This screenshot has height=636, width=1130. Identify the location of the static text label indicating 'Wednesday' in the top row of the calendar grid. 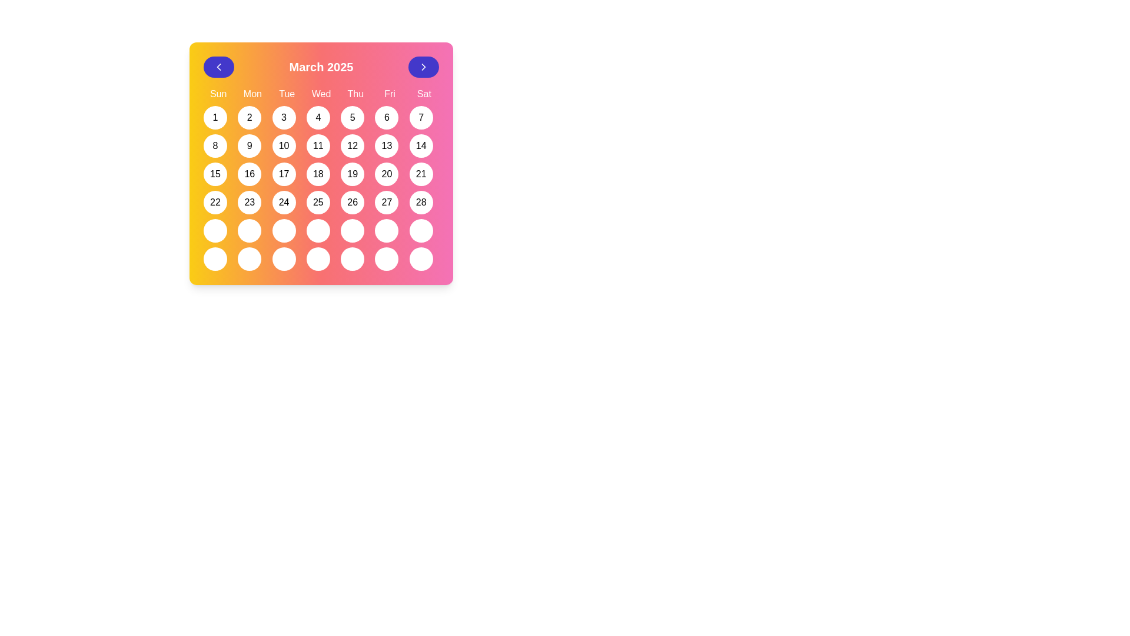
(321, 93).